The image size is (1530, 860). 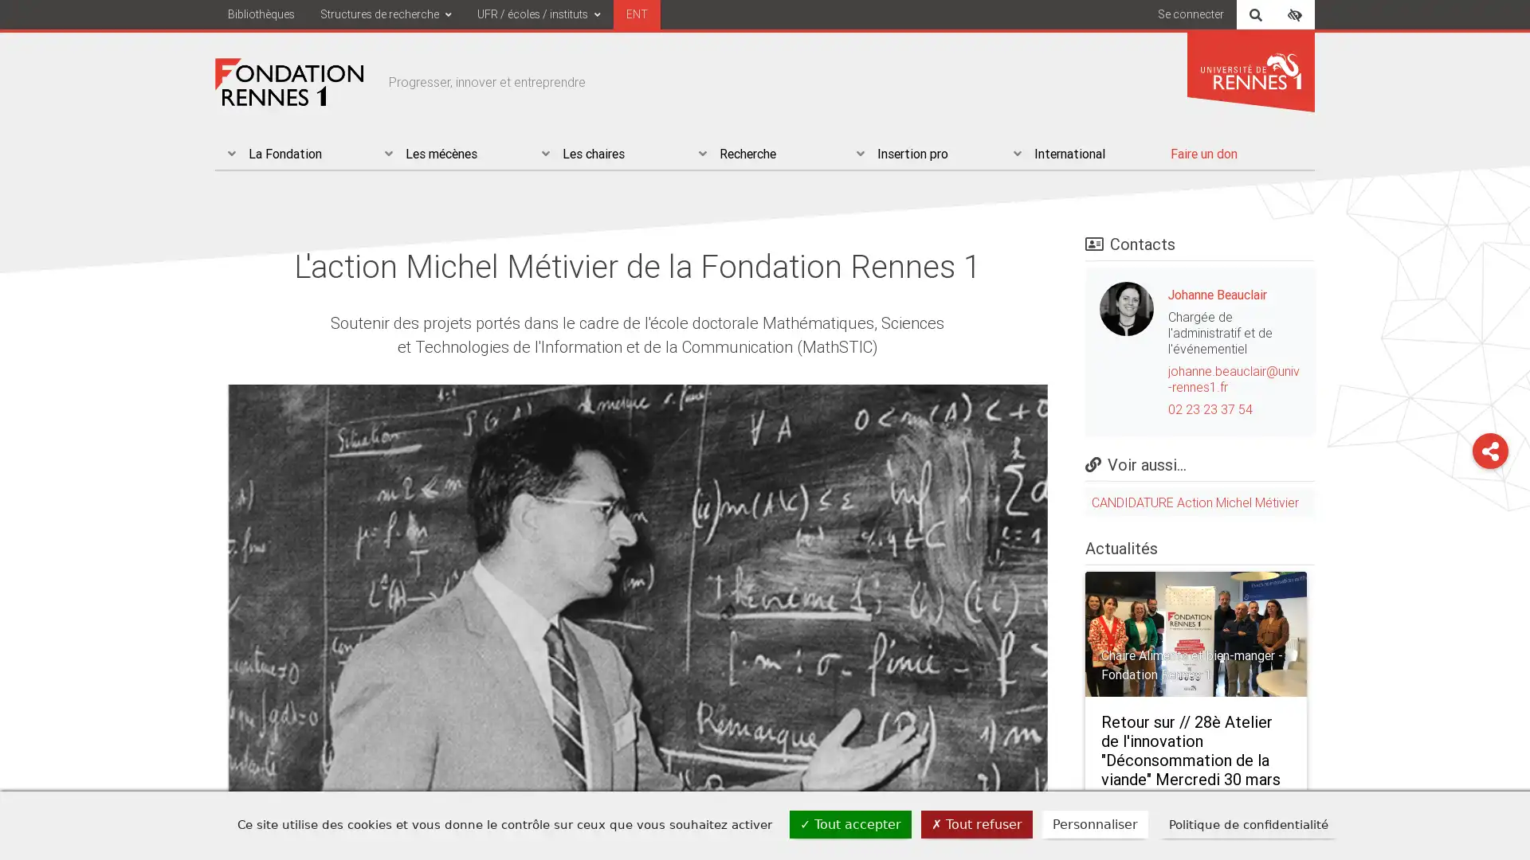 I want to click on Tout accepter, so click(x=849, y=823).